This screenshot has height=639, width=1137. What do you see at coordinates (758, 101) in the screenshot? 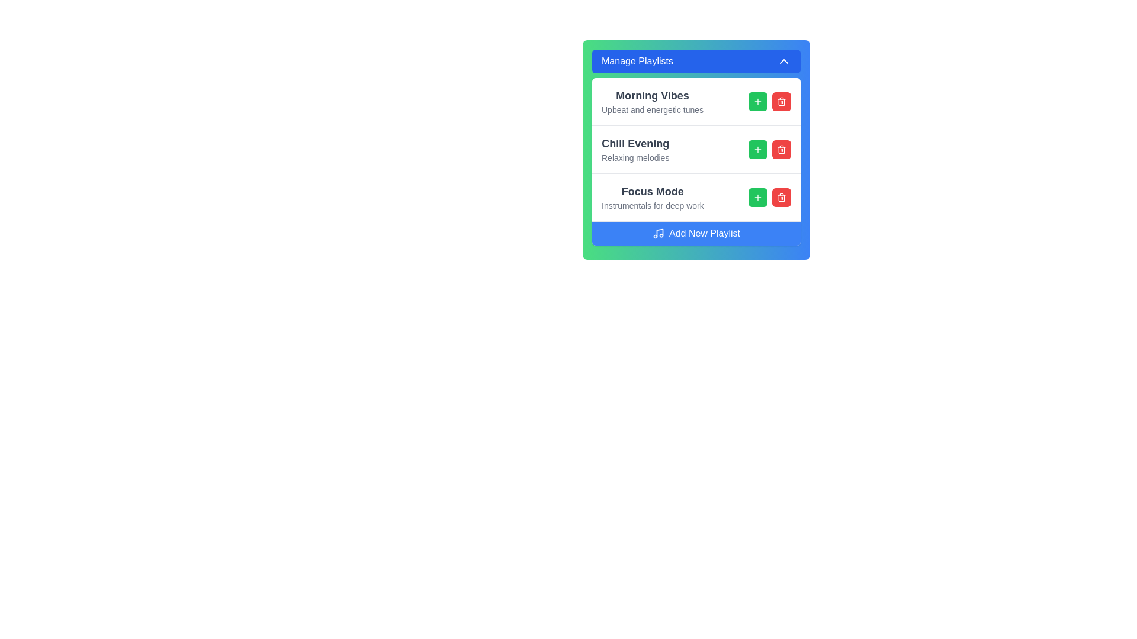
I see `the small green button with a white '+' icon associated with the 'Morning Vibes' playlist` at bounding box center [758, 101].